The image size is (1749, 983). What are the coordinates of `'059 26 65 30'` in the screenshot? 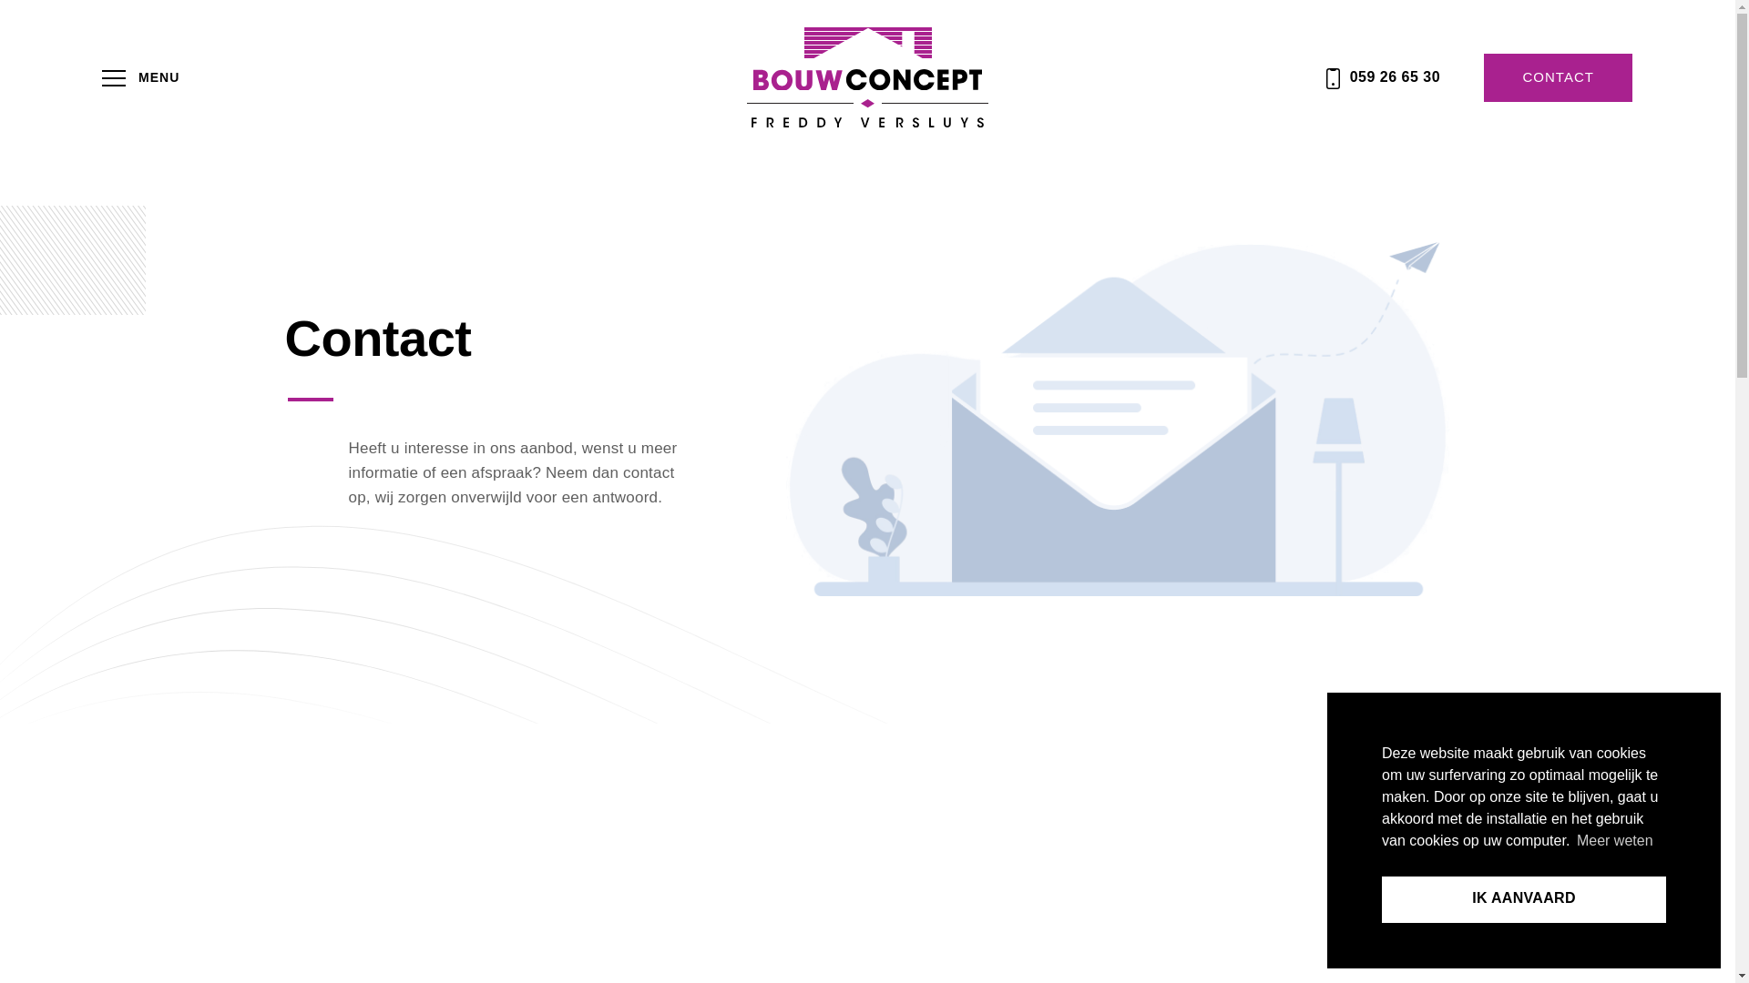 It's located at (1383, 76).